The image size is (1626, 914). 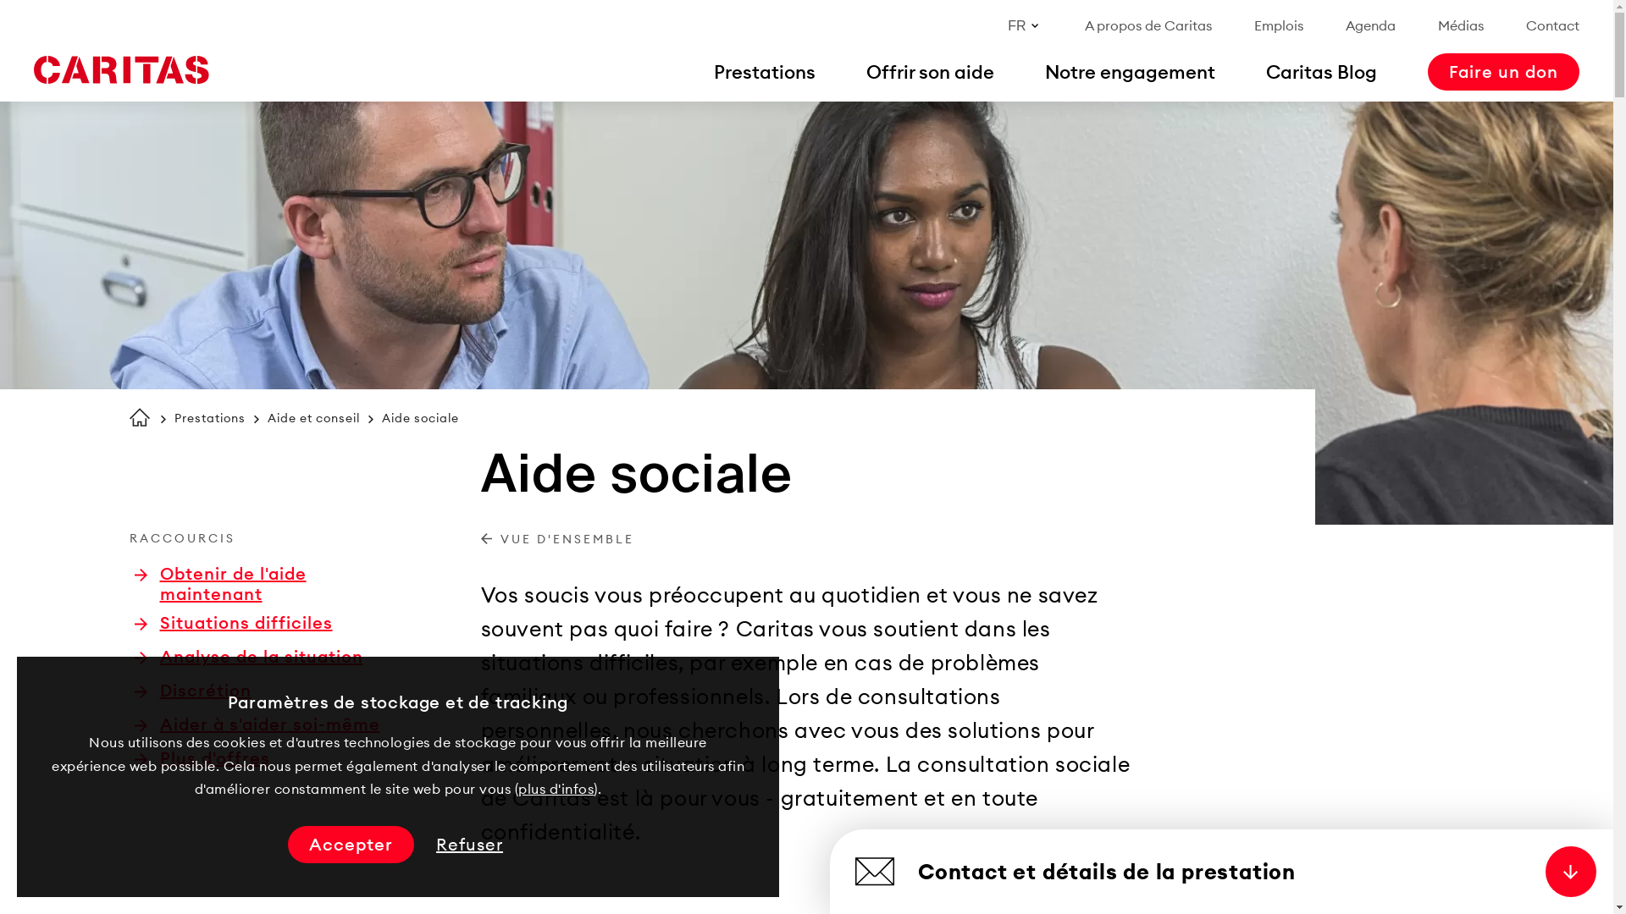 What do you see at coordinates (1320, 70) in the screenshot?
I see `'Caritas Blog'` at bounding box center [1320, 70].